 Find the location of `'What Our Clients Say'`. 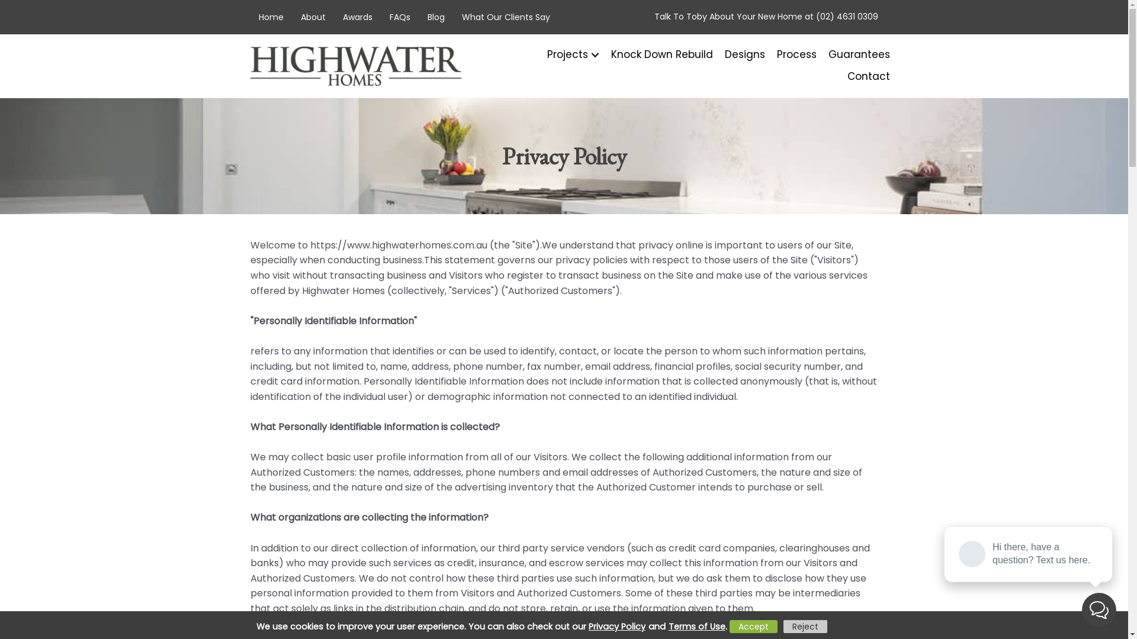

'What Our Clients Say' is located at coordinates (506, 17).